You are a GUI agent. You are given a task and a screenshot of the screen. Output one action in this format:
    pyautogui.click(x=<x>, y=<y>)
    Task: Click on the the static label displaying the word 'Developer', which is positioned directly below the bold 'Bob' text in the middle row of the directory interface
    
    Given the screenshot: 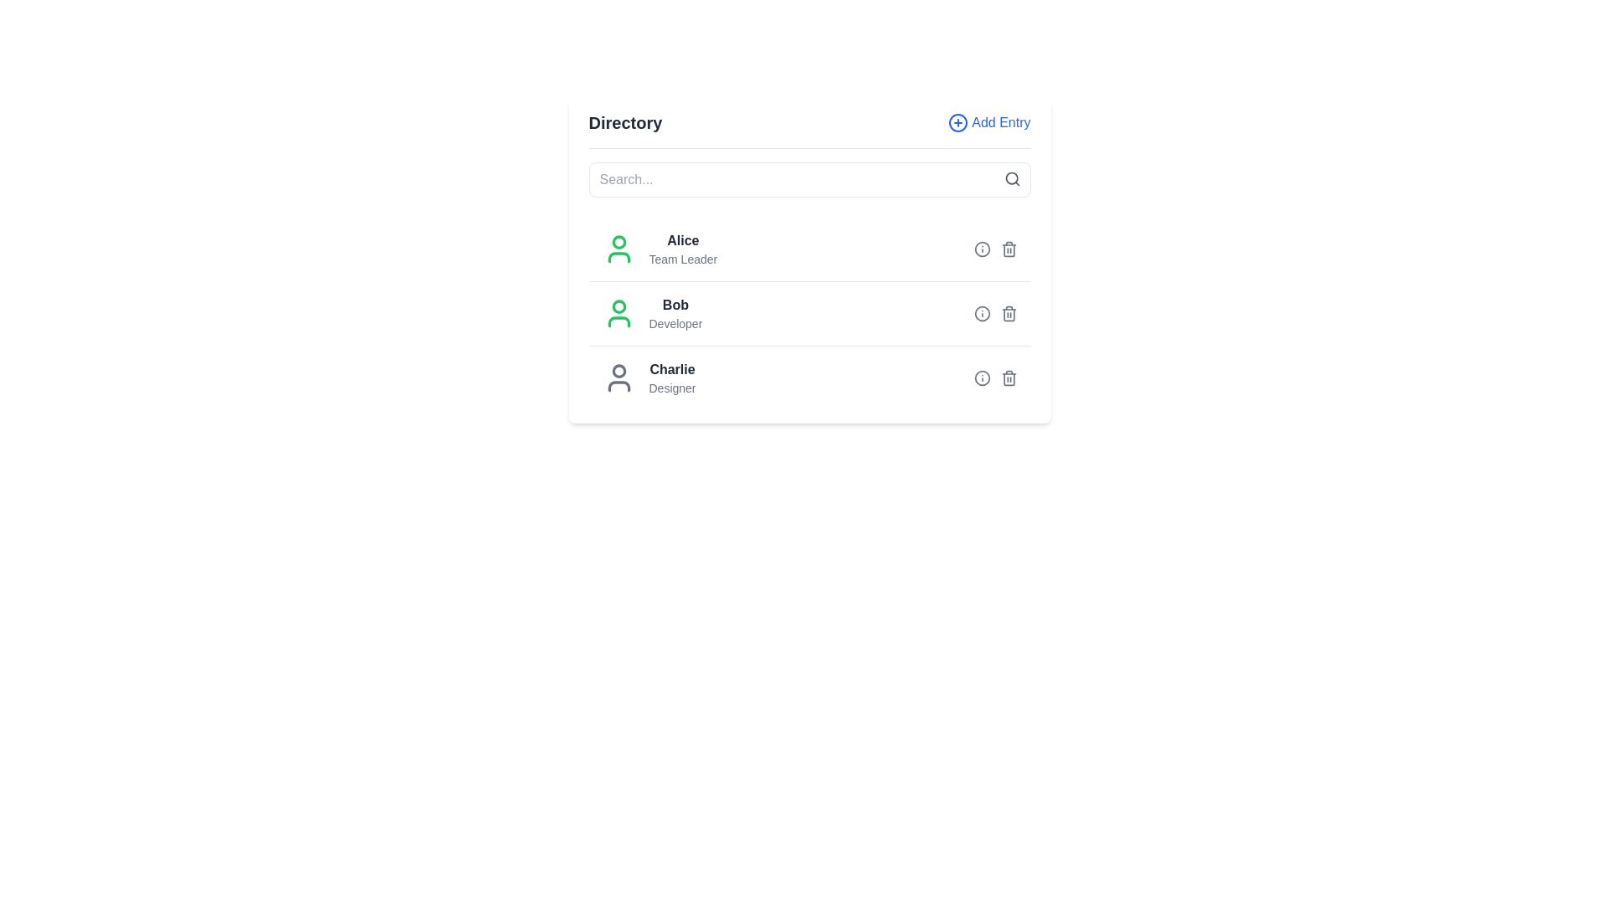 What is the action you would take?
    pyautogui.click(x=675, y=323)
    